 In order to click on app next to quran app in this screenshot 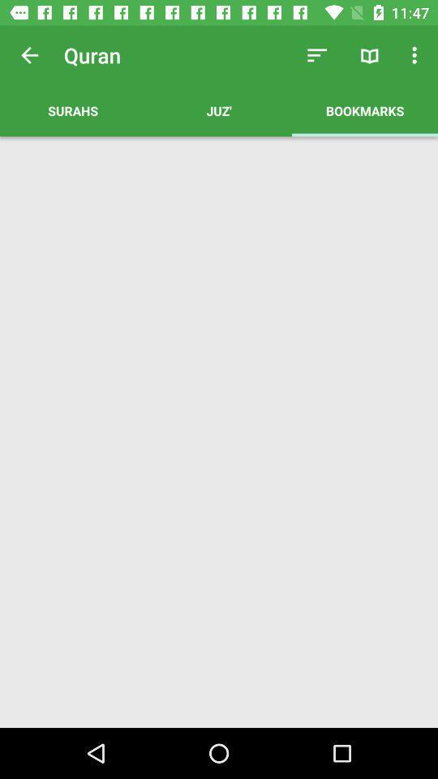, I will do `click(29, 55)`.